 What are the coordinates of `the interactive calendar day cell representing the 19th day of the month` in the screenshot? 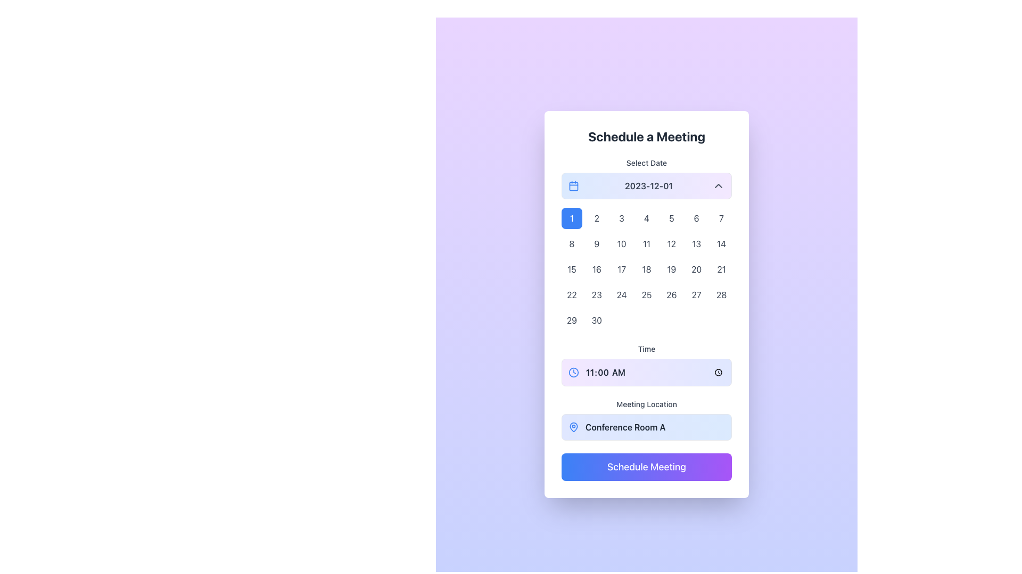 It's located at (671, 268).